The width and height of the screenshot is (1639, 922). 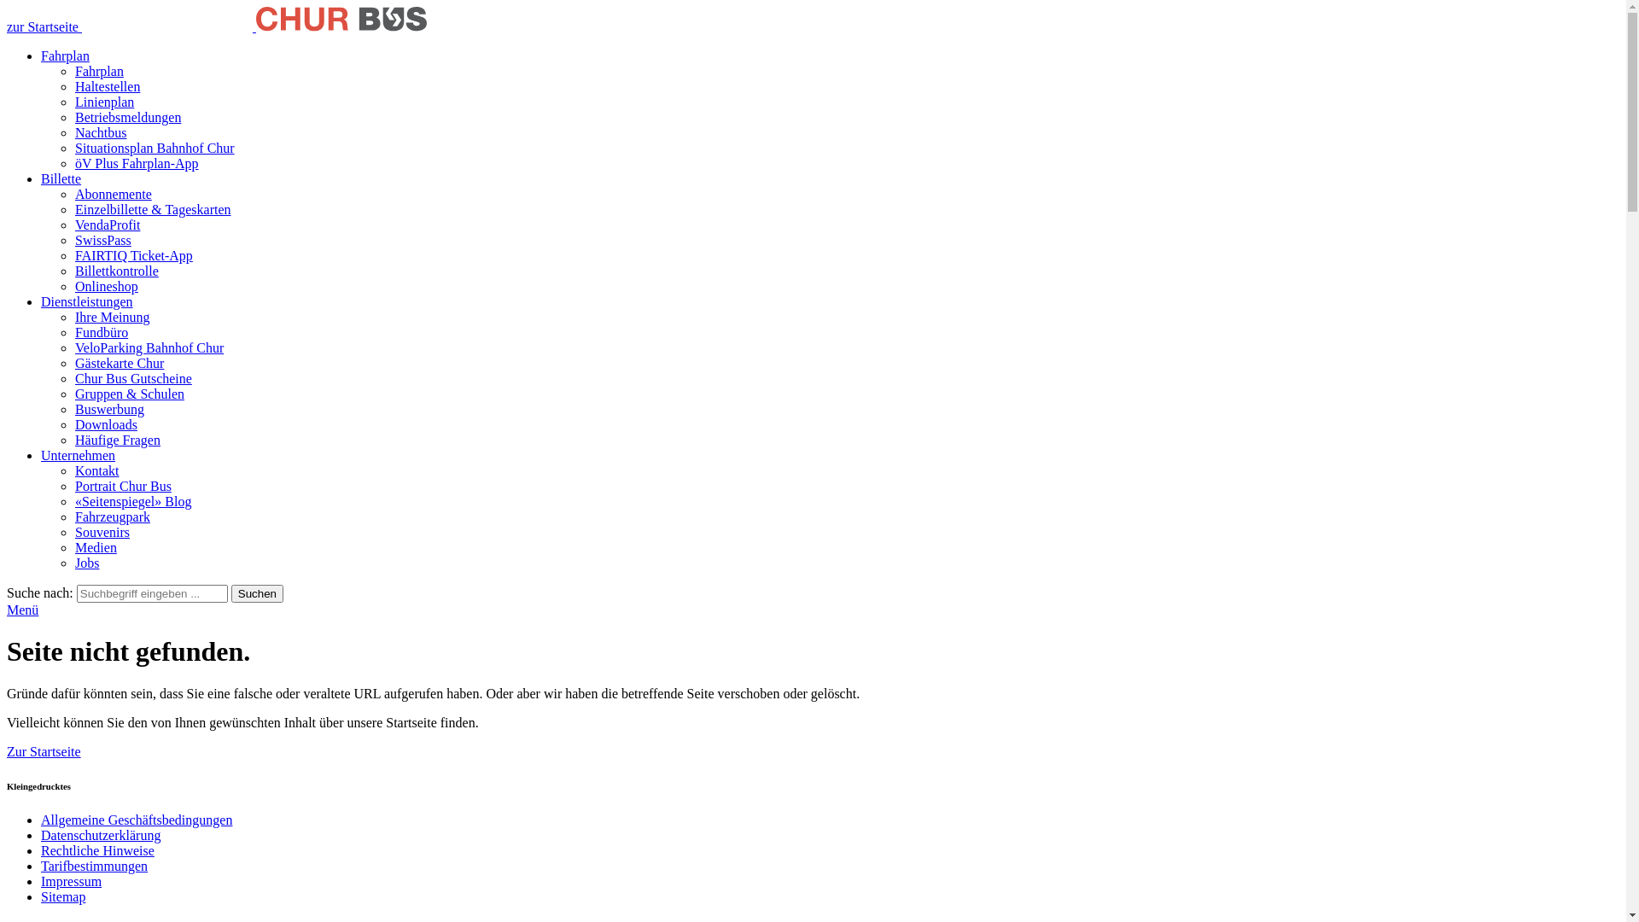 What do you see at coordinates (41, 850) in the screenshot?
I see `'Rechtliche Hinweise'` at bounding box center [41, 850].